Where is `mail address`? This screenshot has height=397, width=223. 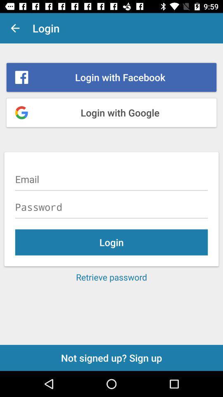 mail address is located at coordinates (111, 179).